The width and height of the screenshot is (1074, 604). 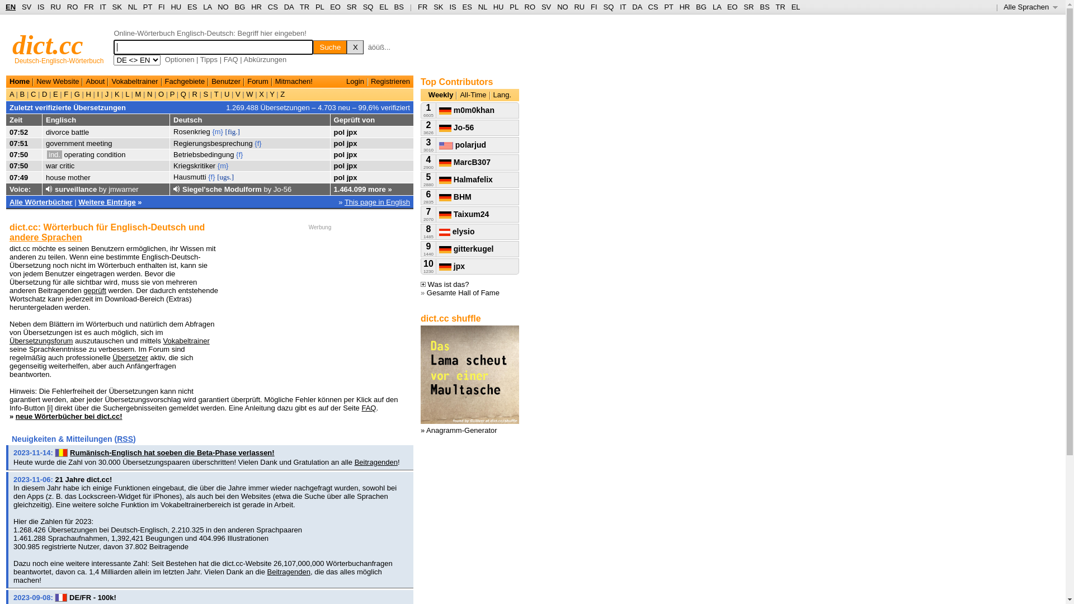 What do you see at coordinates (546, 7) in the screenshot?
I see `'SV'` at bounding box center [546, 7].